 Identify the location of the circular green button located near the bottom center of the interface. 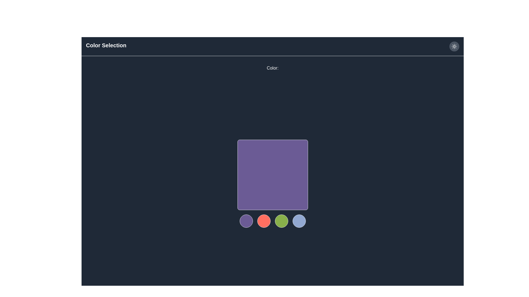
(281, 221).